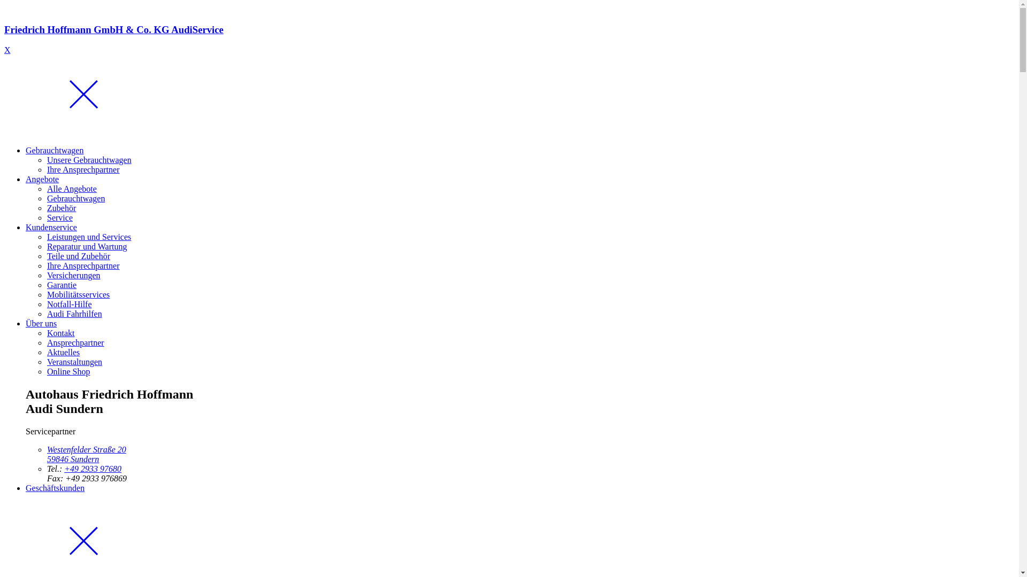 This screenshot has height=577, width=1027. What do you see at coordinates (68, 371) in the screenshot?
I see `'Online Shop'` at bounding box center [68, 371].